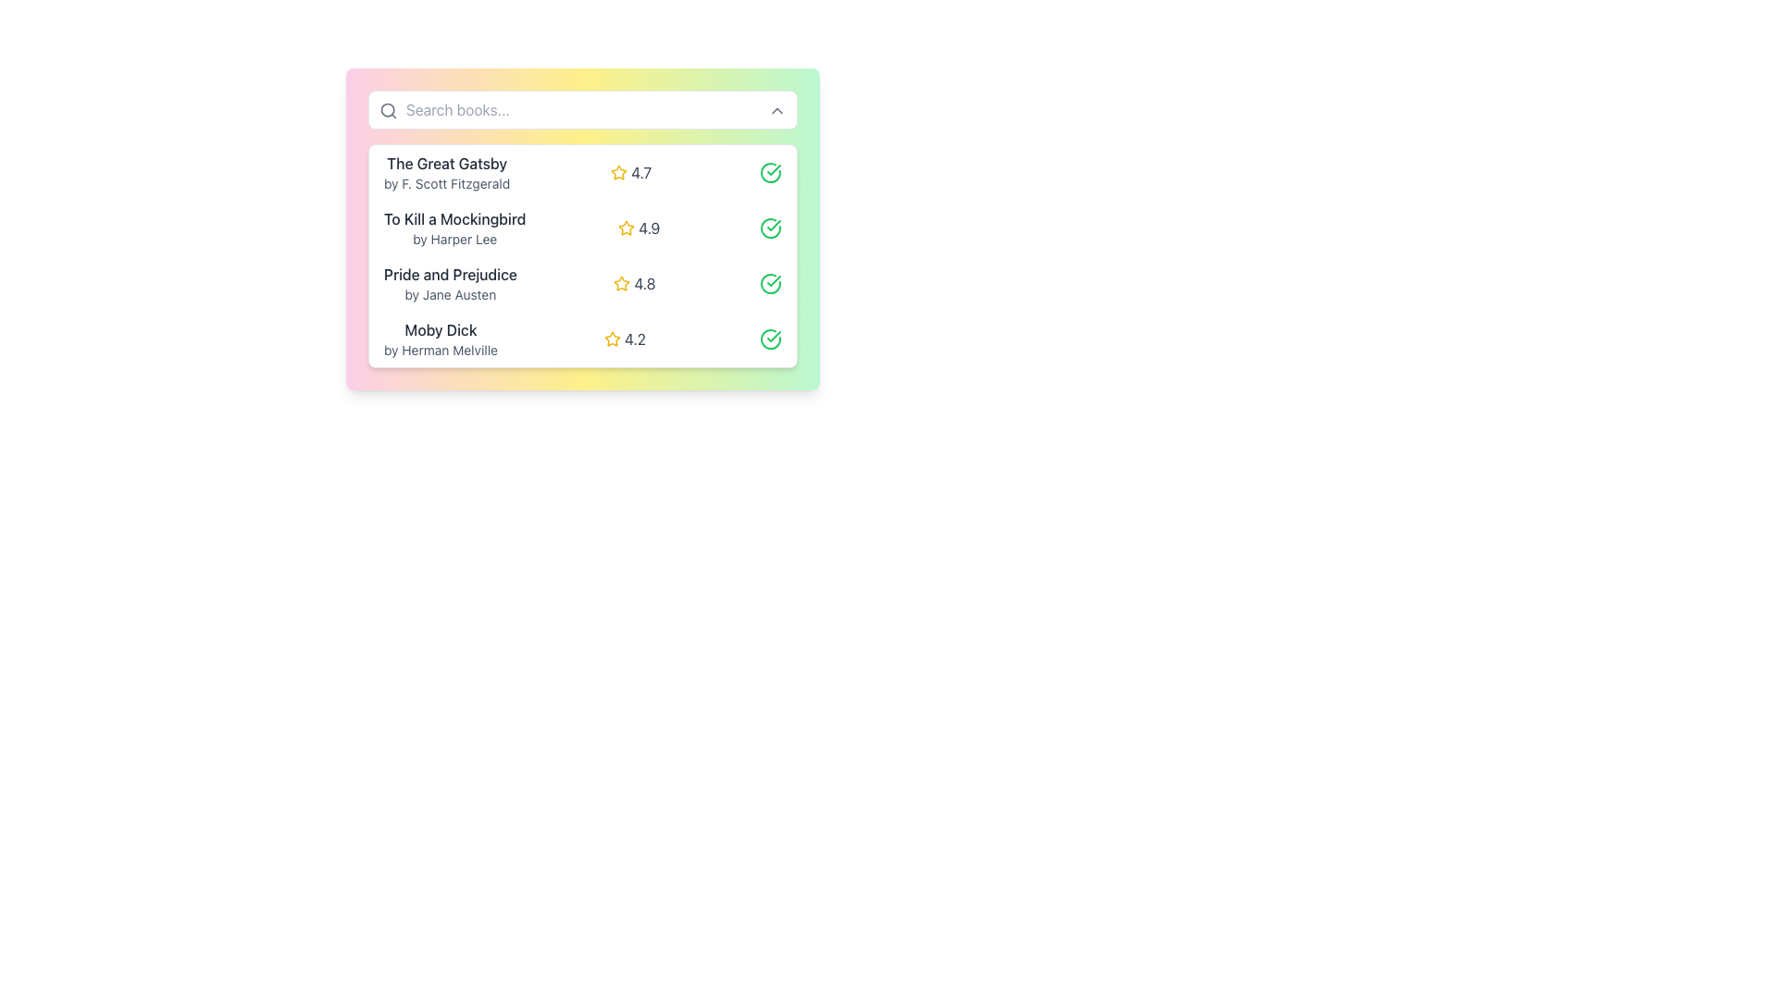 The image size is (1777, 999). I want to click on value displayed in the text element showing the rating '4.8', which is next to the yellow star icon and indicates the rating for the book 'Pride and Prejudice', so click(644, 284).